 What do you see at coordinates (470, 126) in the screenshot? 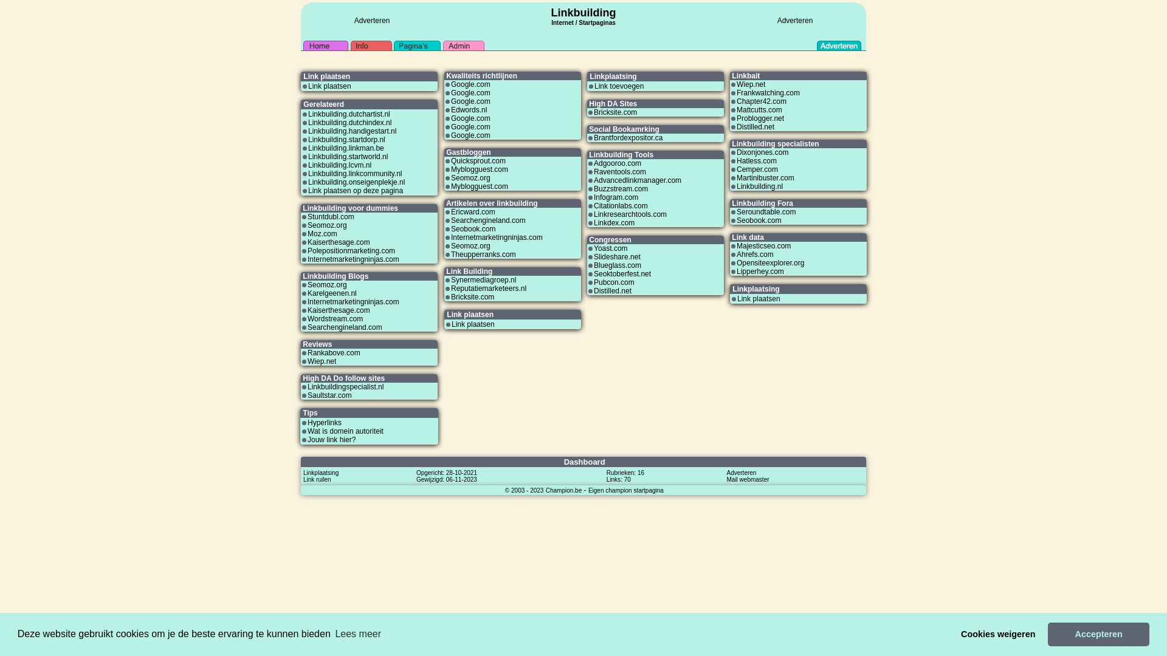
I see `'Google.com'` at bounding box center [470, 126].